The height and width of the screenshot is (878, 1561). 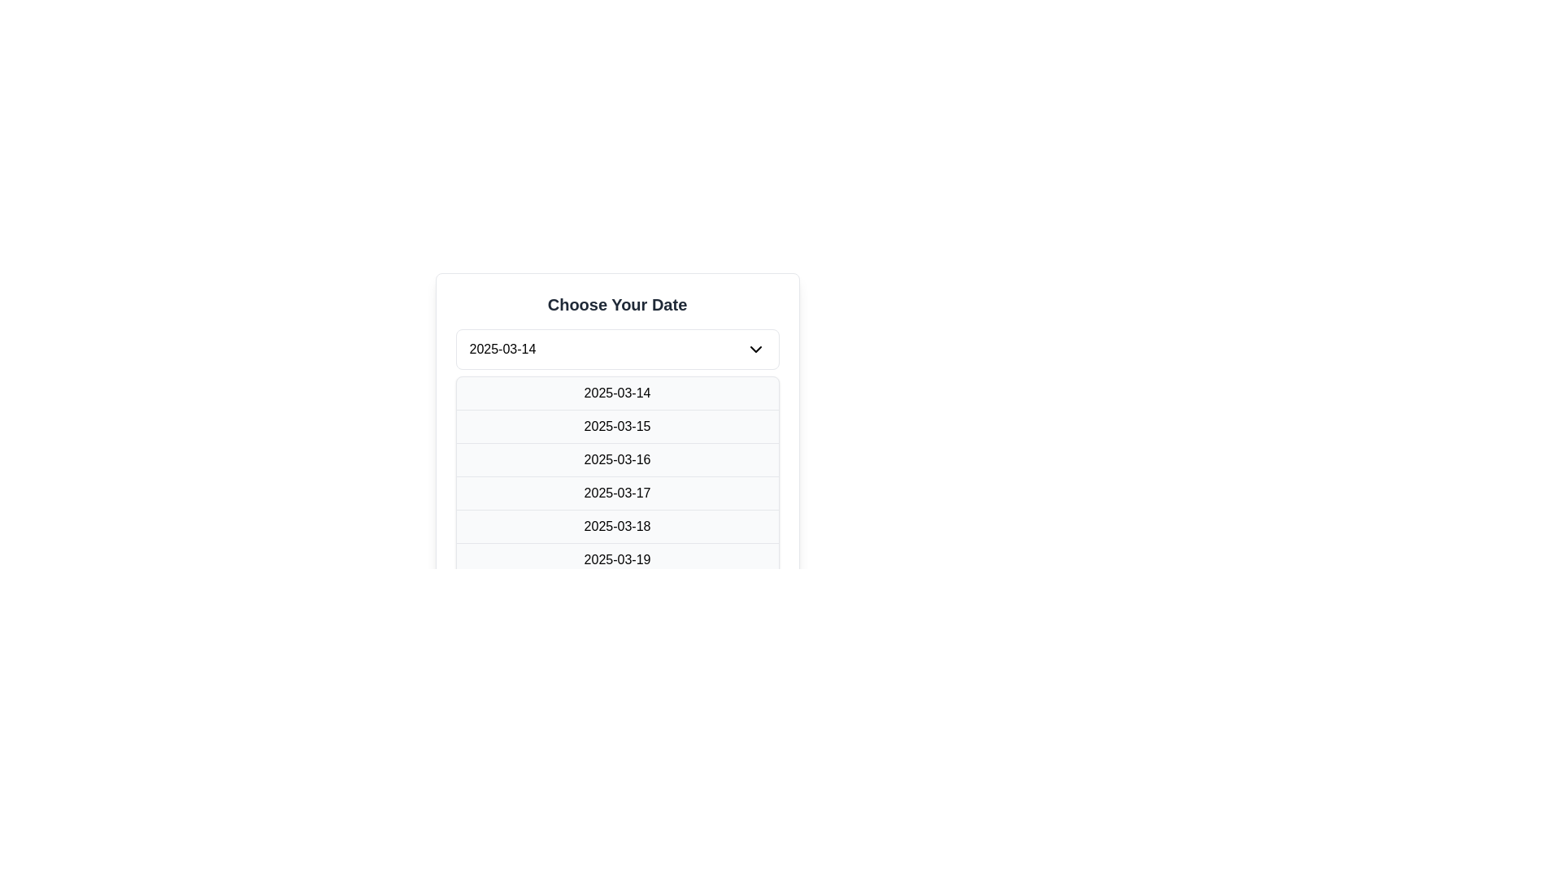 What do you see at coordinates (616, 304) in the screenshot?
I see `the static text label 'Choose Your Date' which is prominently displayed at the top of the card-like layout` at bounding box center [616, 304].